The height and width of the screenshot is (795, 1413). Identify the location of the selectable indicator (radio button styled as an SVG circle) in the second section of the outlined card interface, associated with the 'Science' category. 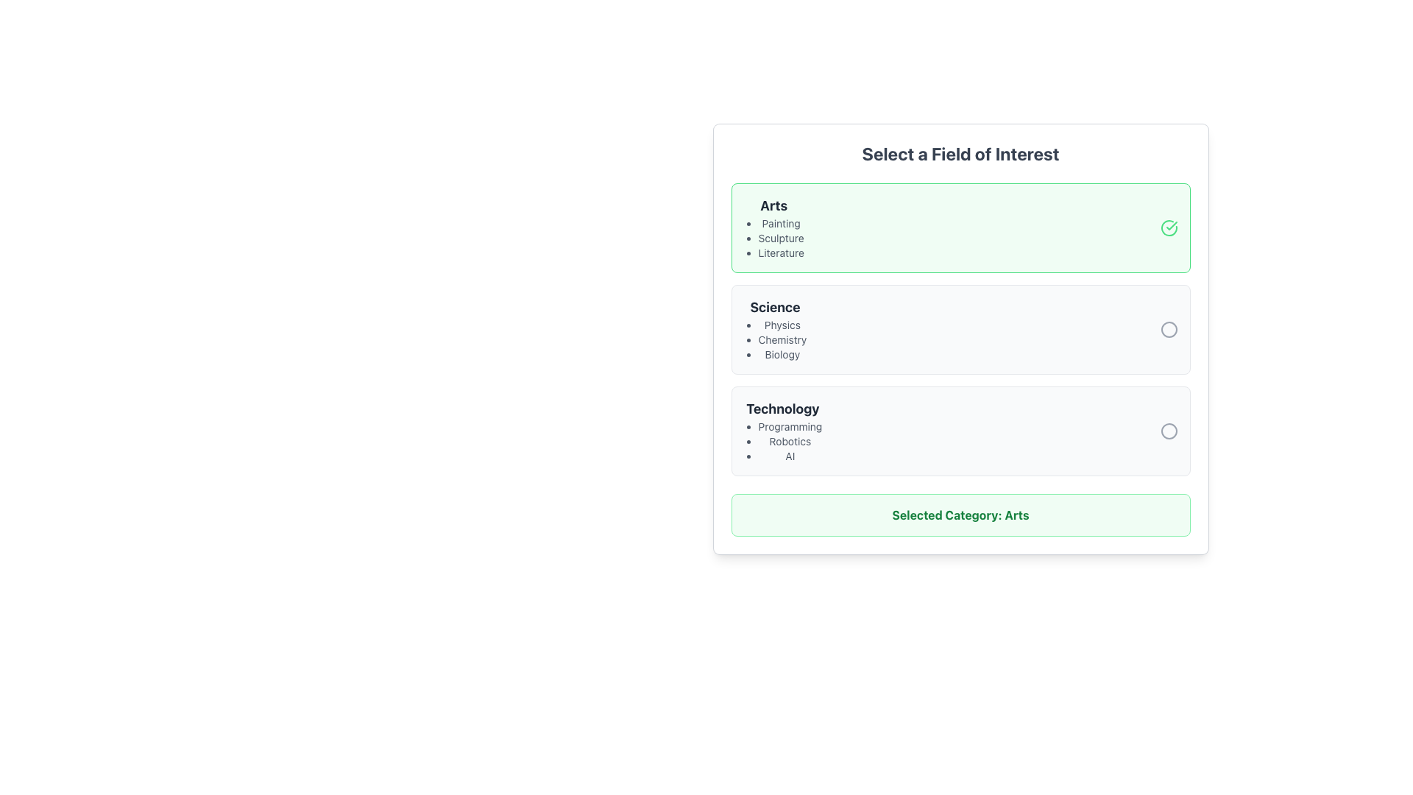
(1168, 328).